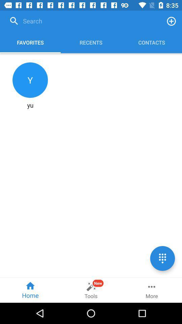 The height and width of the screenshot is (324, 182). I want to click on a new contact, so click(171, 21).